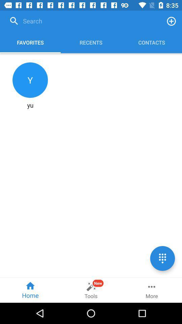 The height and width of the screenshot is (324, 182). I want to click on a new contact, so click(171, 21).